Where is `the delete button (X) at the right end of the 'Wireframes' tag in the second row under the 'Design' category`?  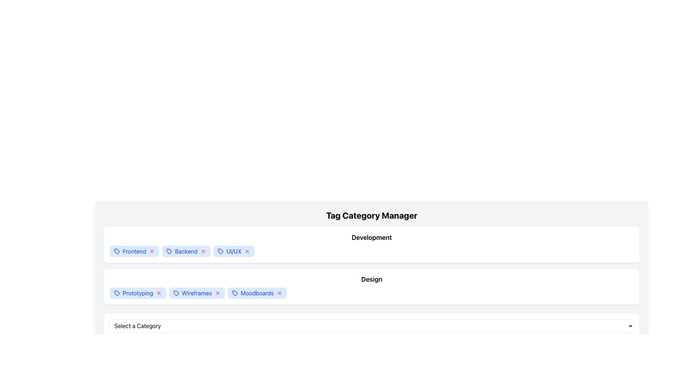
the delete button (X) at the right end of the 'Wireframes' tag in the second row under the 'Design' category is located at coordinates (217, 293).